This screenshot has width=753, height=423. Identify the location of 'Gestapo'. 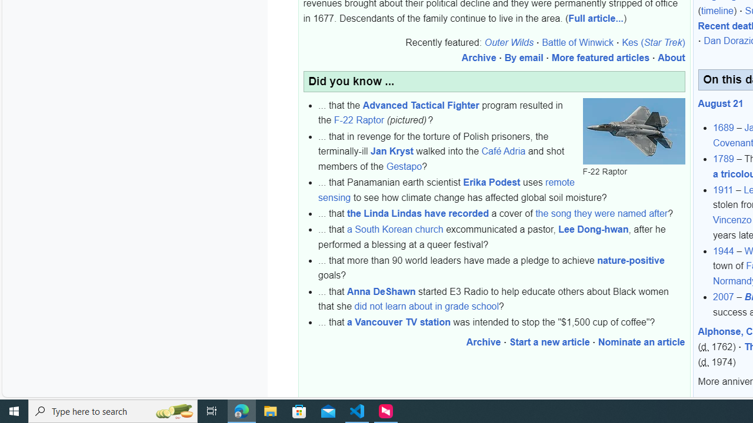
(404, 166).